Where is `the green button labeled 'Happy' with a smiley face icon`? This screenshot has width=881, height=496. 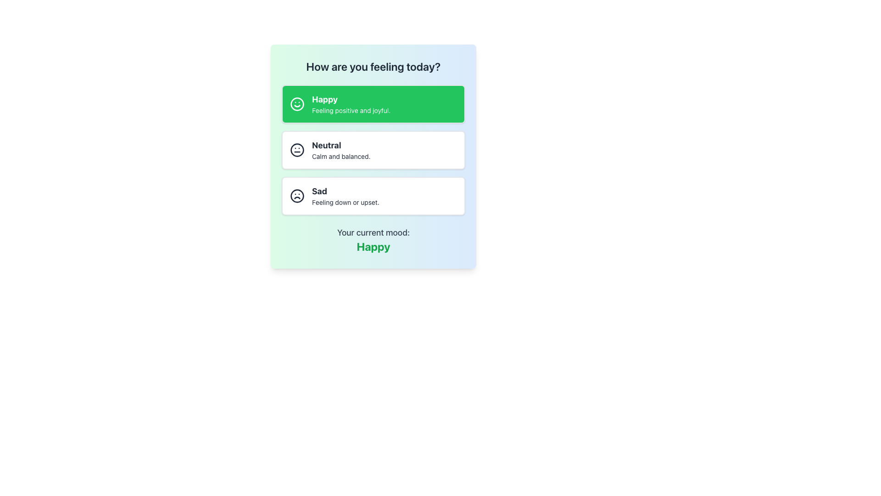 the green button labeled 'Happy' with a smiley face icon is located at coordinates (374, 104).